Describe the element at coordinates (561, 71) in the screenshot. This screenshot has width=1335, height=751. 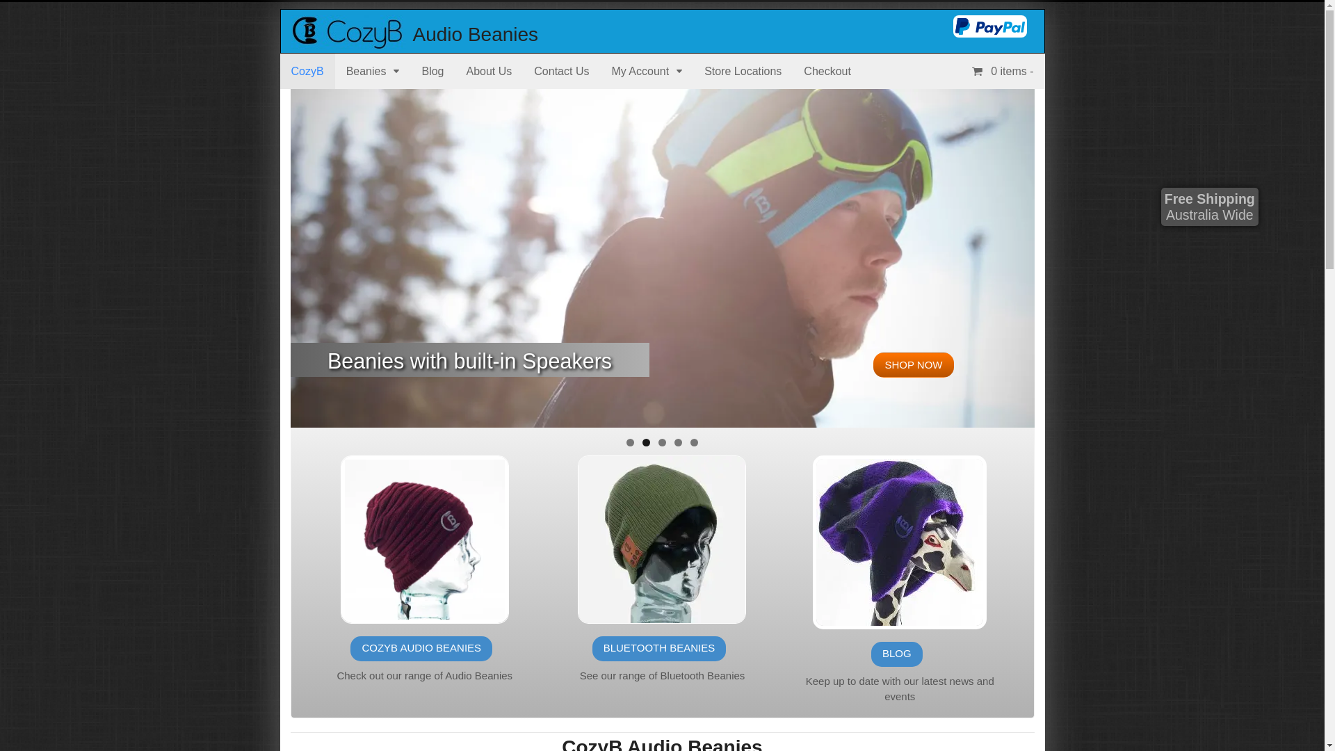
I see `'Contact Us'` at that location.